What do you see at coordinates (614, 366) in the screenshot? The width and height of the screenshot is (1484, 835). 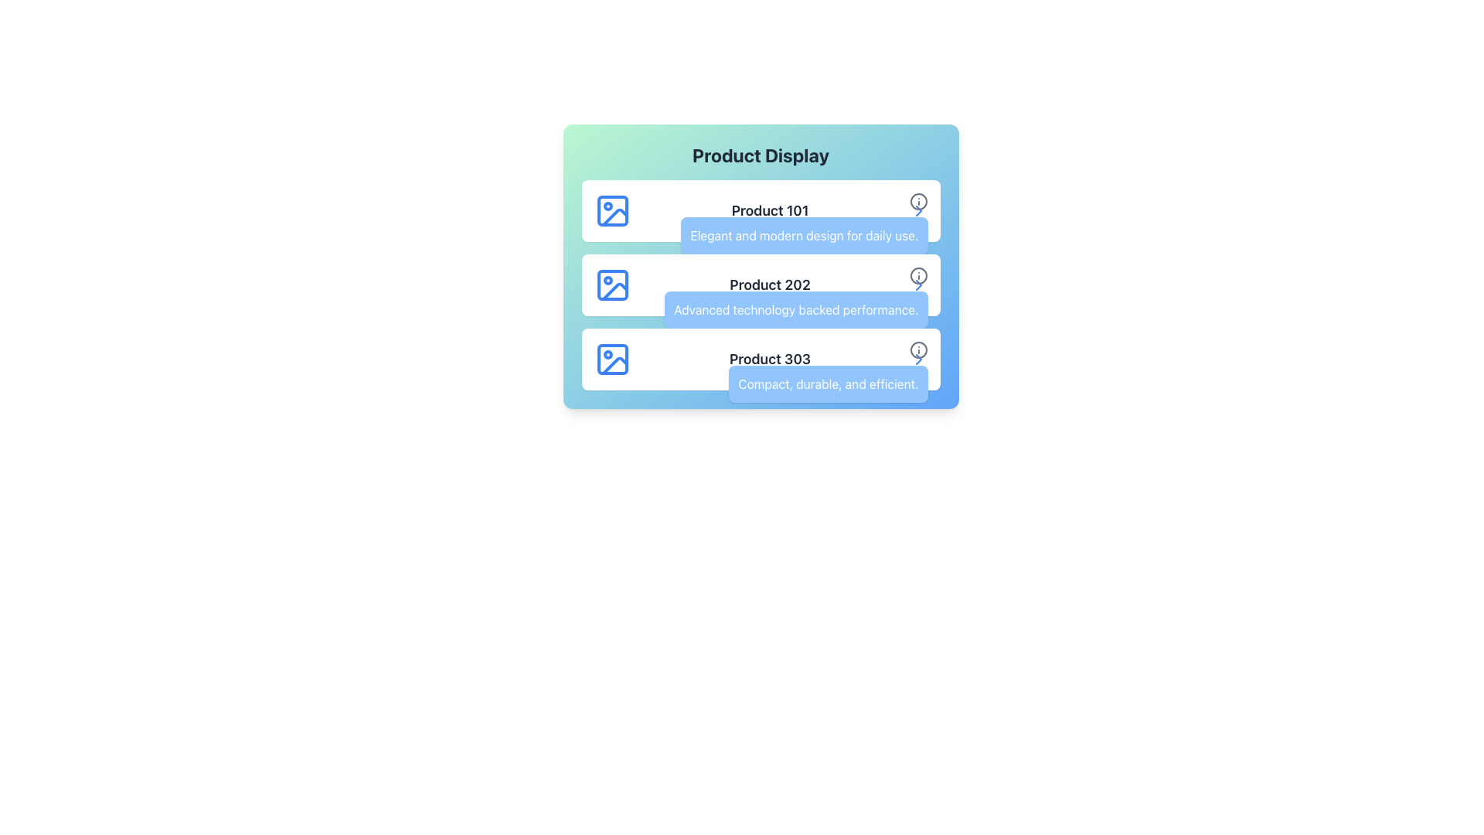 I see `the Decorative icon representing 'Product 303' located in the bottom-left section of the product cell` at bounding box center [614, 366].